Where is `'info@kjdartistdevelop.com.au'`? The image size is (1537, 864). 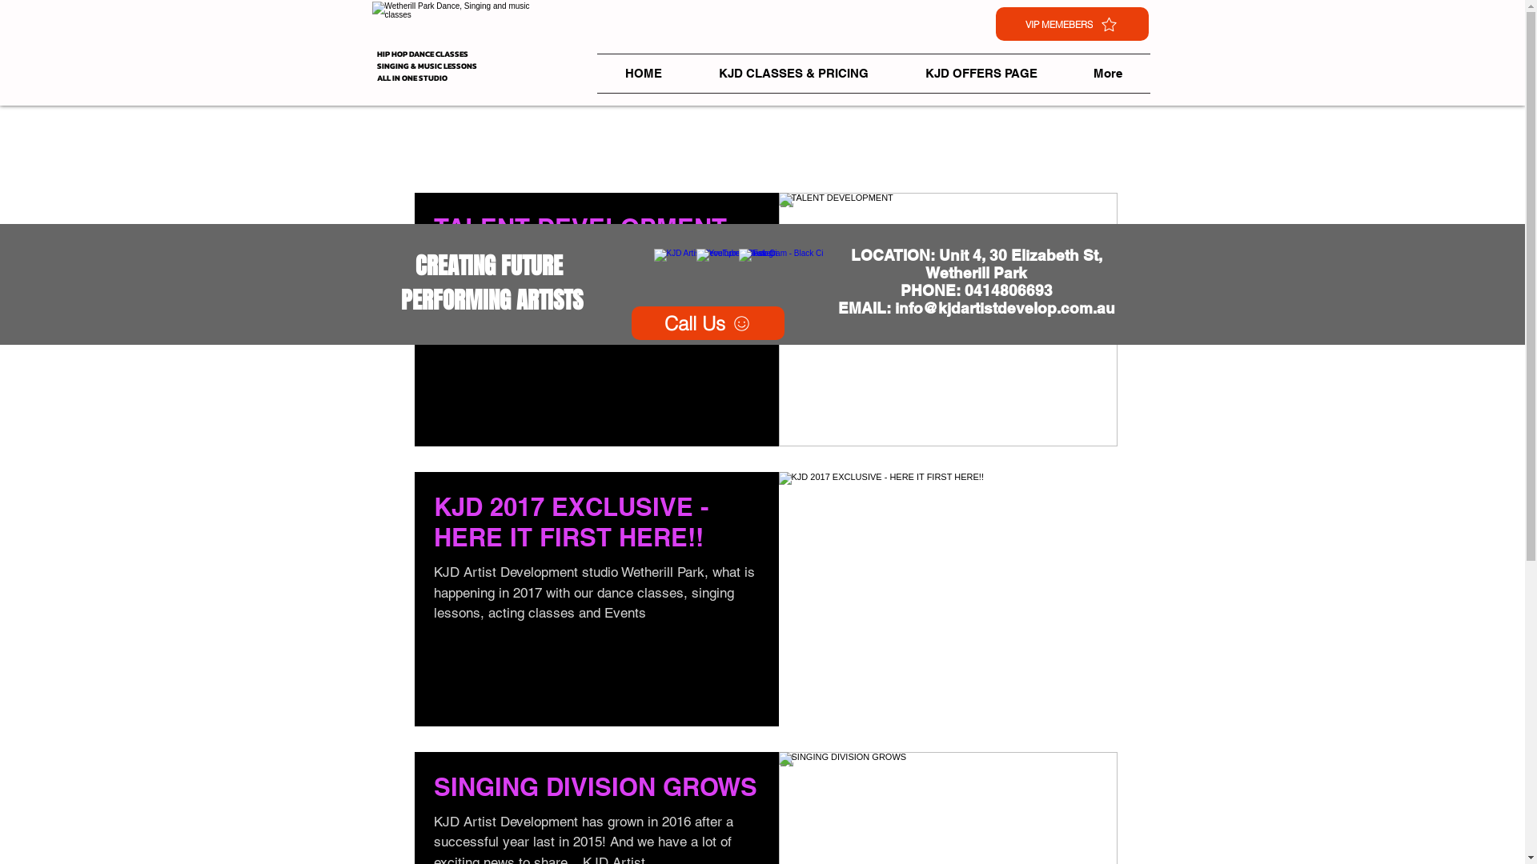 'info@kjdartistdevelop.com.au' is located at coordinates (1004, 308).